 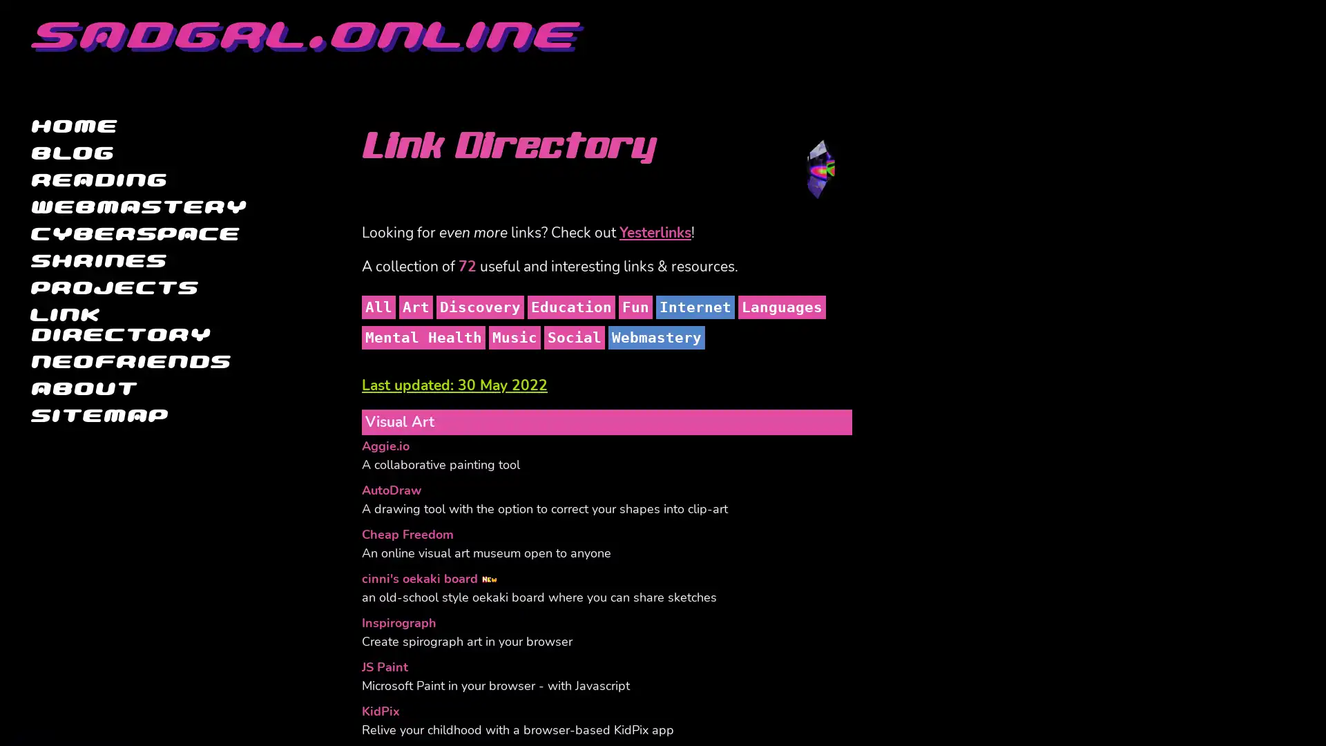 I want to click on Social, so click(x=574, y=337).